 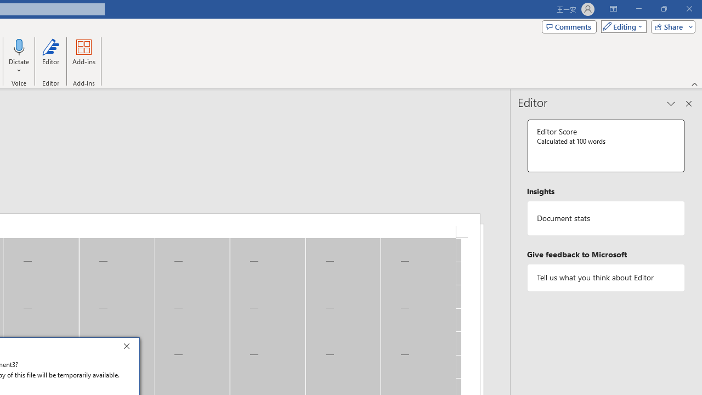 I want to click on 'Document statistics', so click(x=605, y=218).